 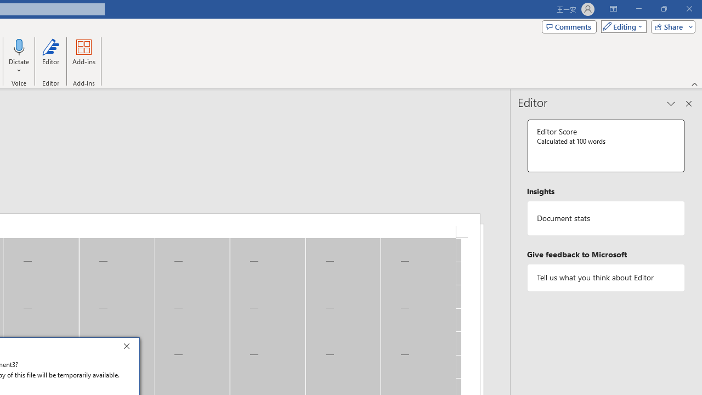 I want to click on 'Document statistics', so click(x=605, y=218).